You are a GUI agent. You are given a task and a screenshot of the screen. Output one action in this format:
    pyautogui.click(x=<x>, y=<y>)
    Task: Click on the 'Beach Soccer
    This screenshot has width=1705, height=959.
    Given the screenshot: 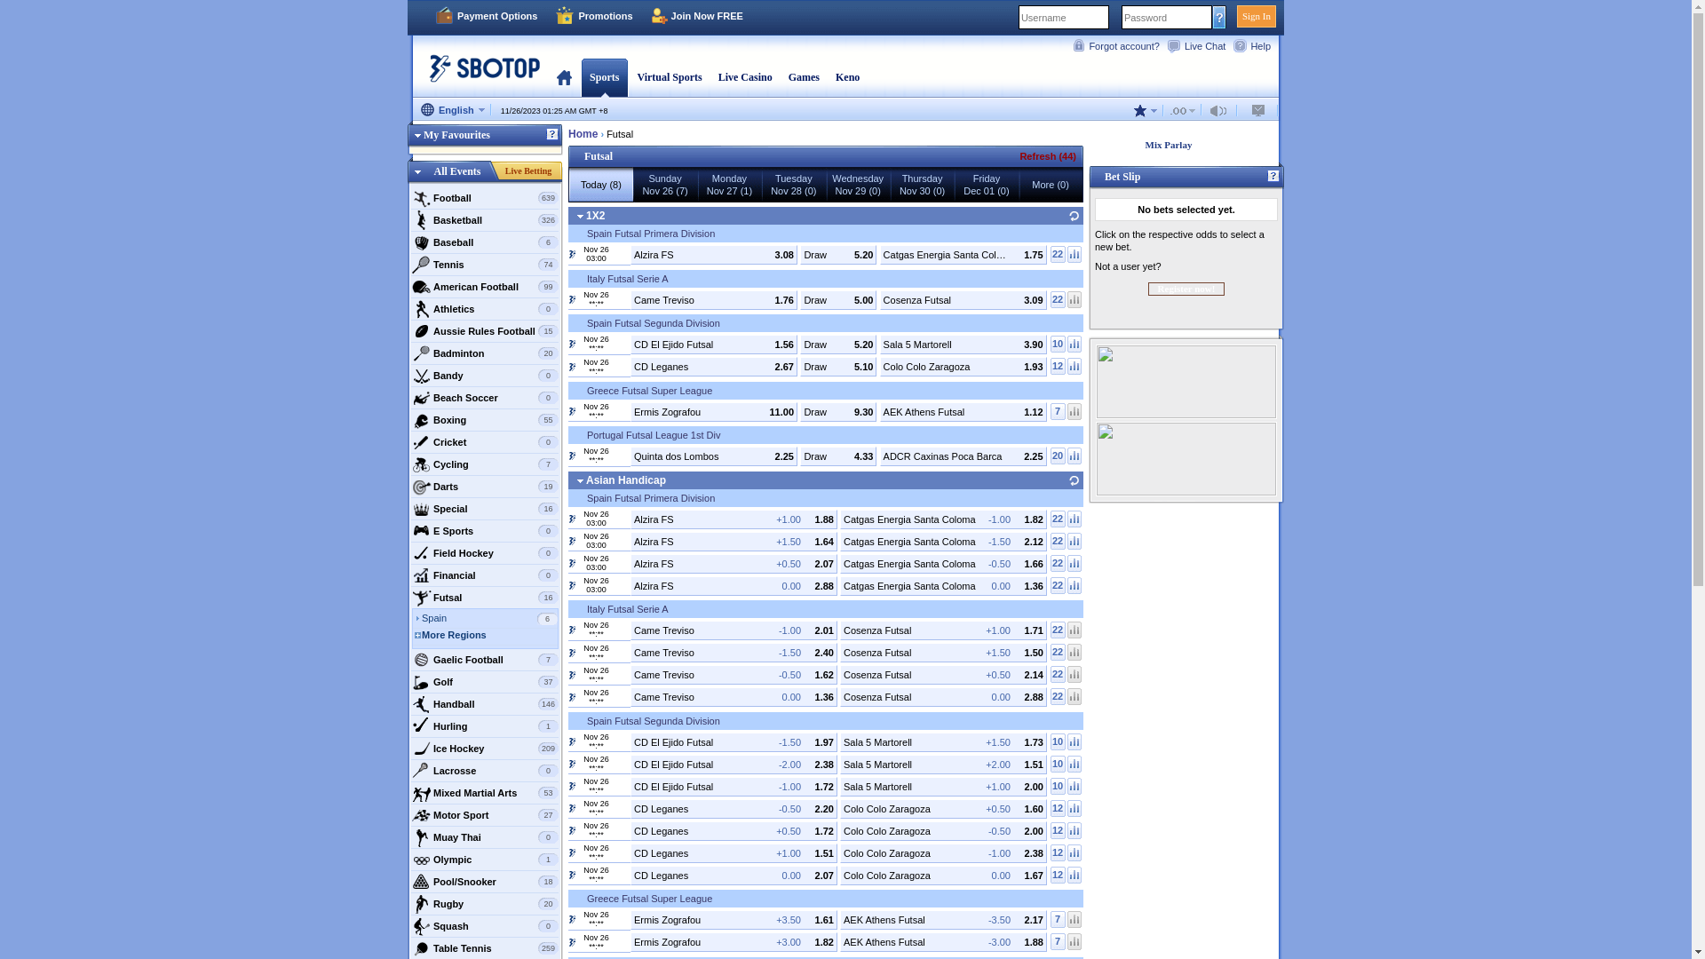 What is the action you would take?
    pyautogui.click(x=485, y=396)
    